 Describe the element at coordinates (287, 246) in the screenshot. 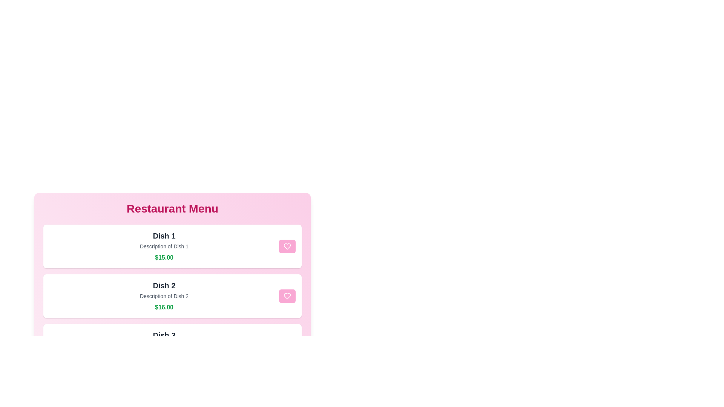

I see `the heart button located in the top-right corner of the first menu item card to mark 'Dish 1' as favorite` at that location.